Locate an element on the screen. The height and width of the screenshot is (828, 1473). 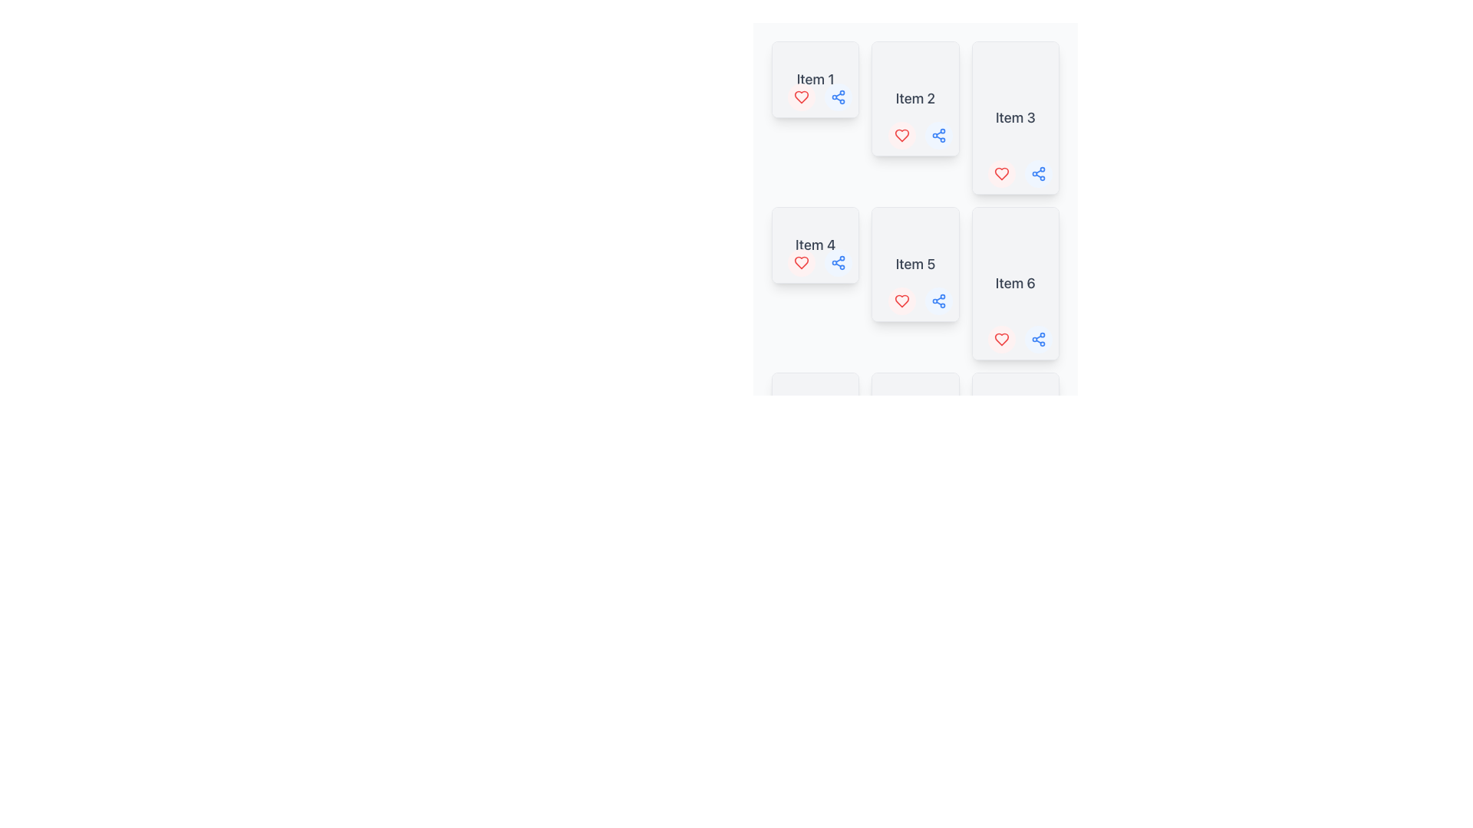
the 'like' button located in the lower-right corner of the card labeled 'Item 4' is located at coordinates (801, 262).